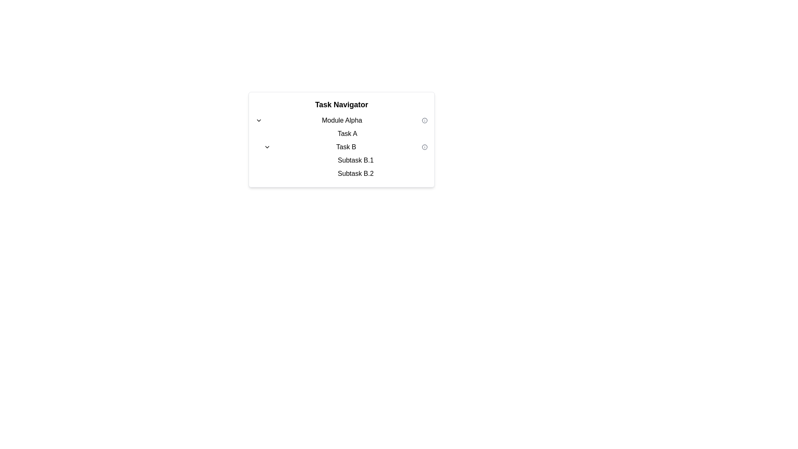  I want to click on the second collapsible list header located in the 'Task Navigator' section, which is positioned below 'Task A' and above 'Subtask B.1', so click(341, 147).